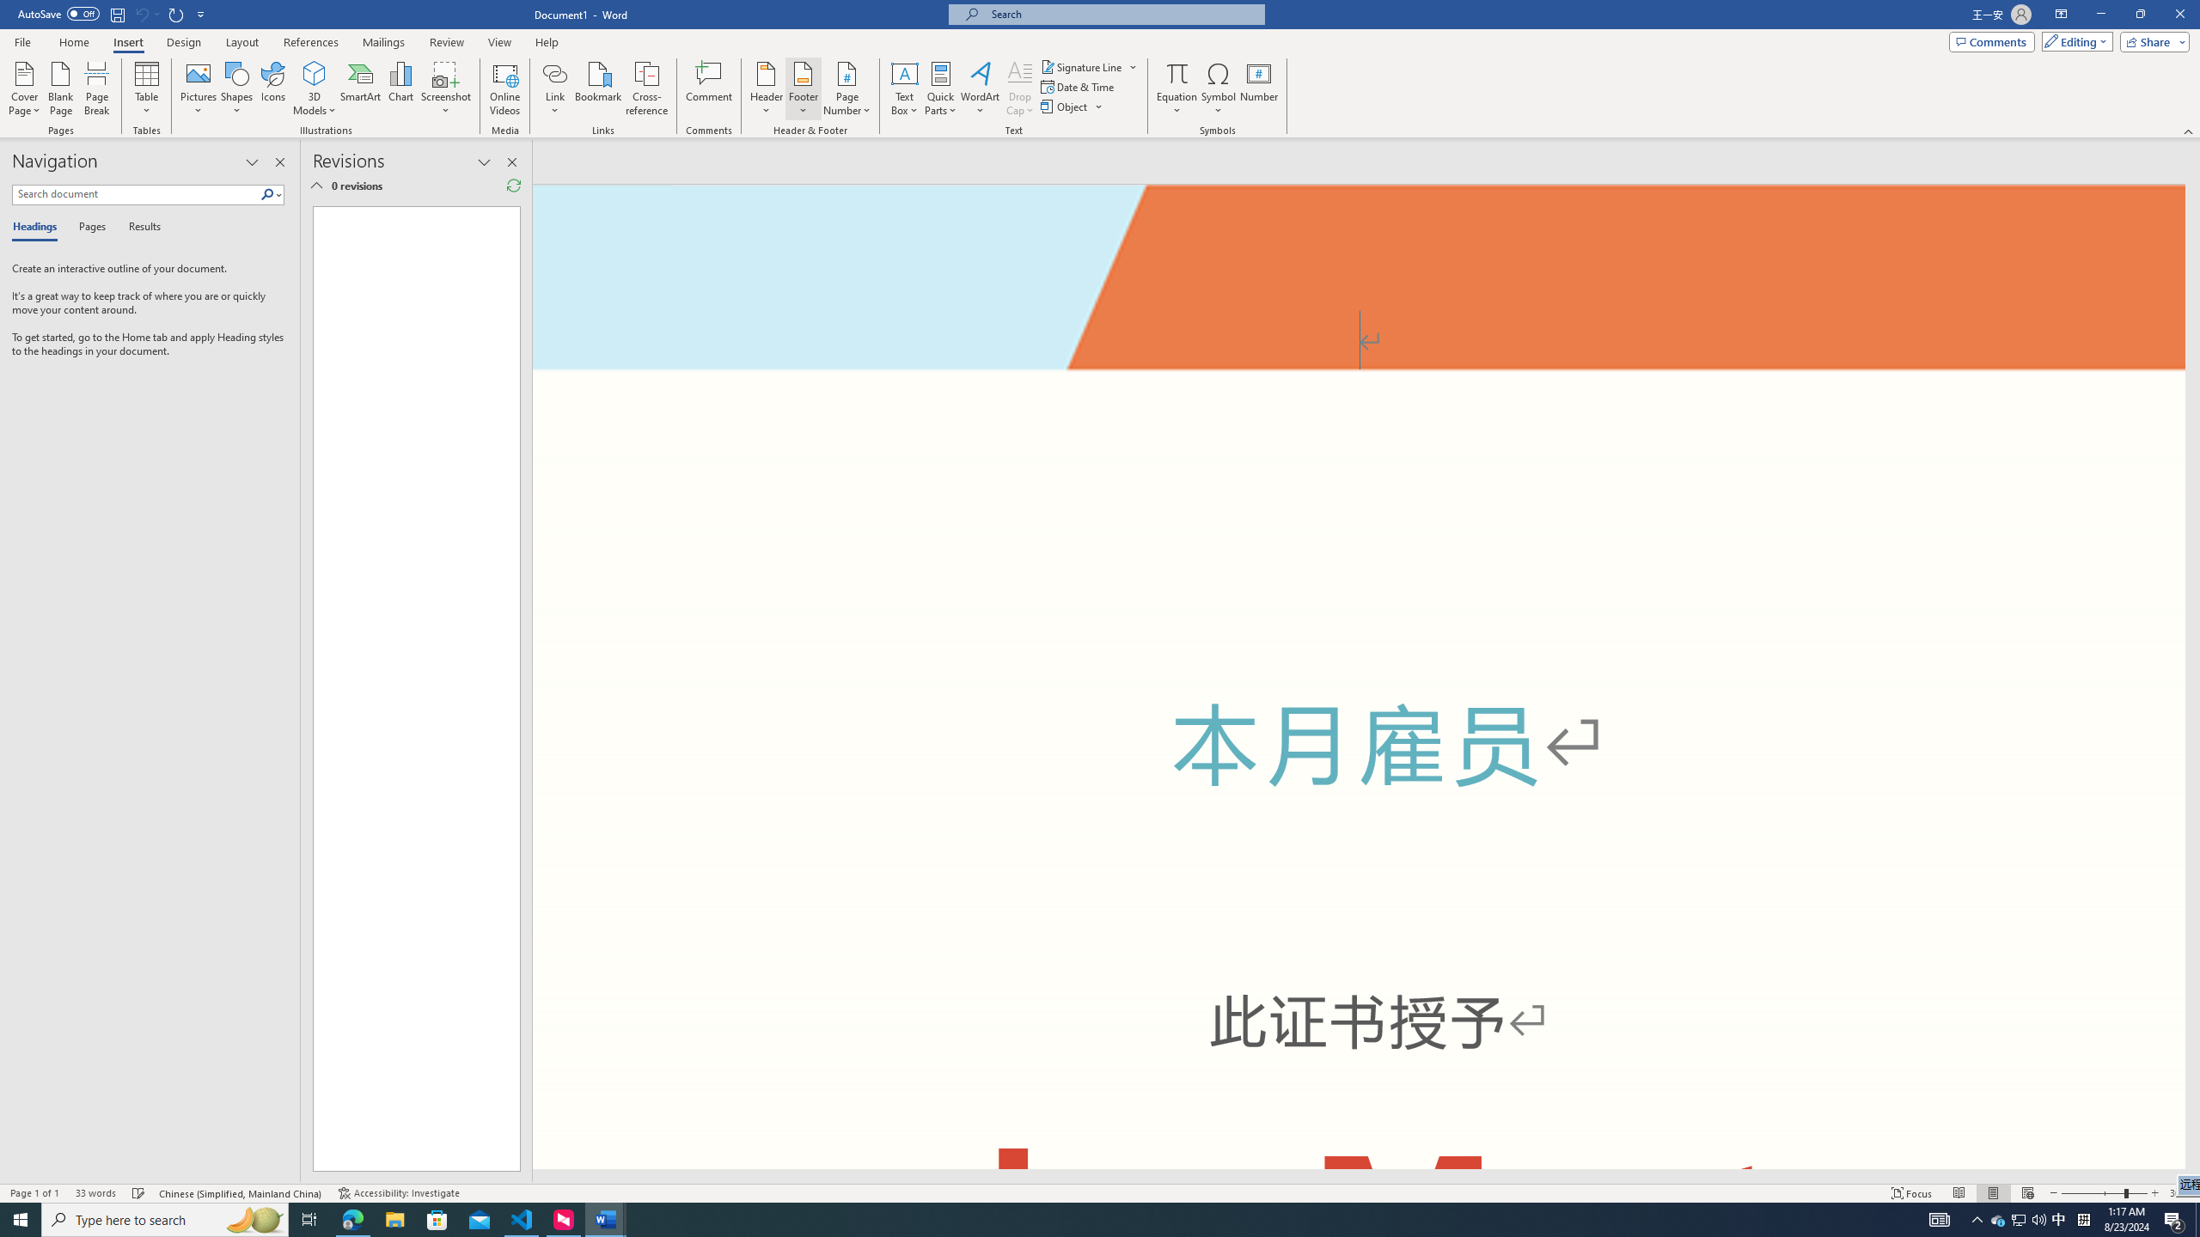 The image size is (2200, 1237). I want to click on 'Pictures', so click(199, 88).